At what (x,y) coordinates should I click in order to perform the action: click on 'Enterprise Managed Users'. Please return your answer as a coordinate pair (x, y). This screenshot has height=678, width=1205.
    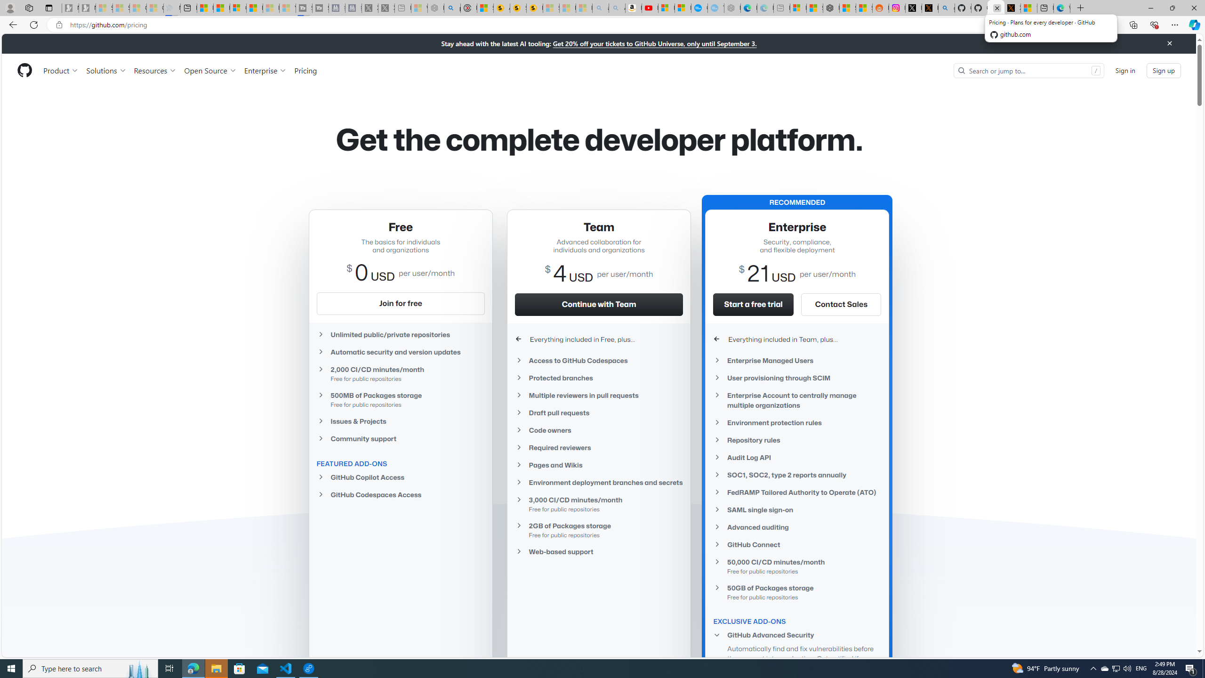
    Looking at the image, I should click on (797, 360).